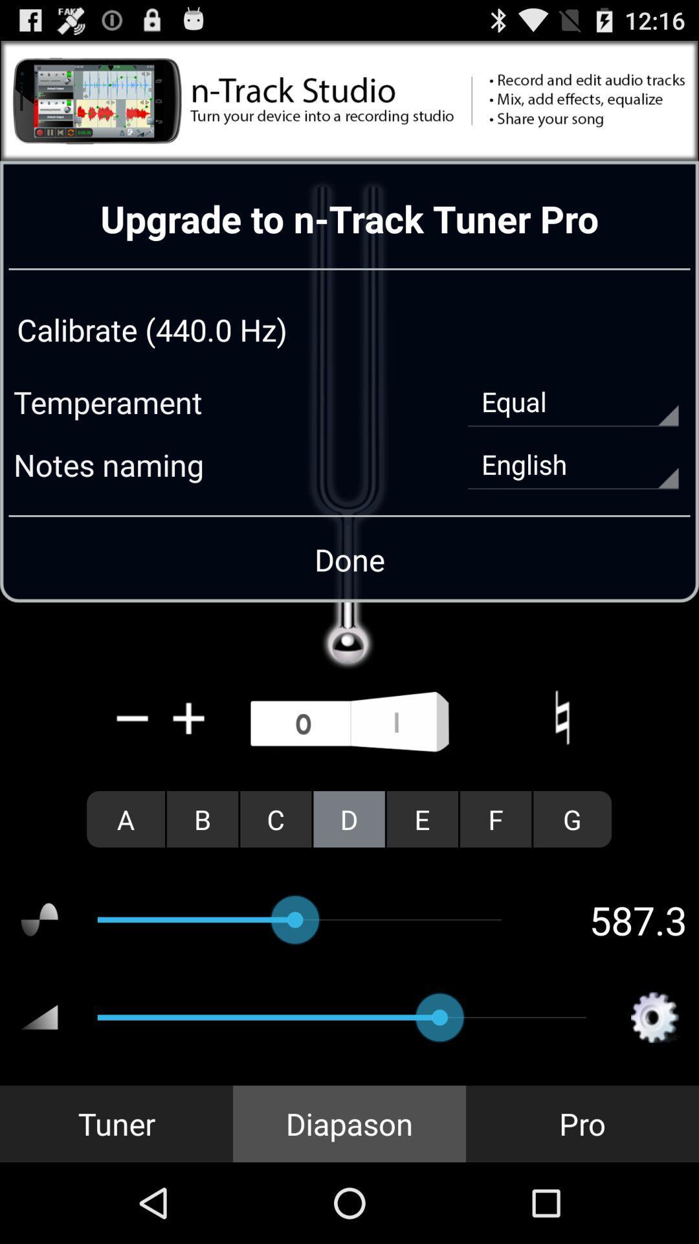  I want to click on d, so click(348, 818).